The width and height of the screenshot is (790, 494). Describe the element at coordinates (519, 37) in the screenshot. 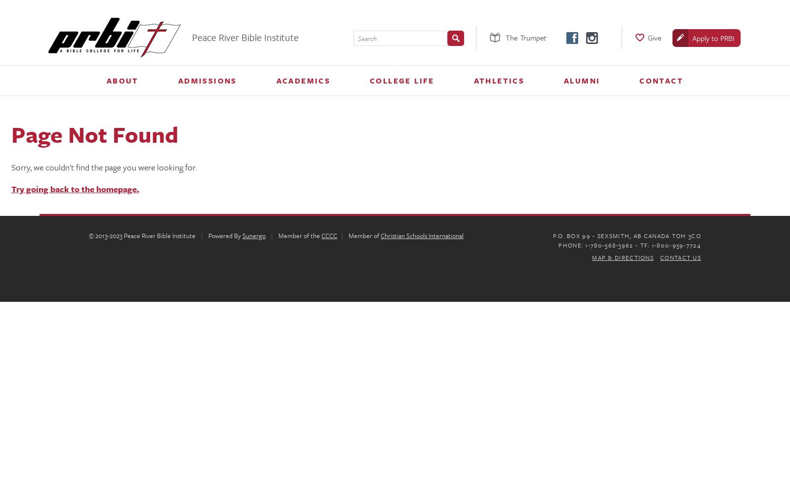

I see `'Trumpet'` at that location.